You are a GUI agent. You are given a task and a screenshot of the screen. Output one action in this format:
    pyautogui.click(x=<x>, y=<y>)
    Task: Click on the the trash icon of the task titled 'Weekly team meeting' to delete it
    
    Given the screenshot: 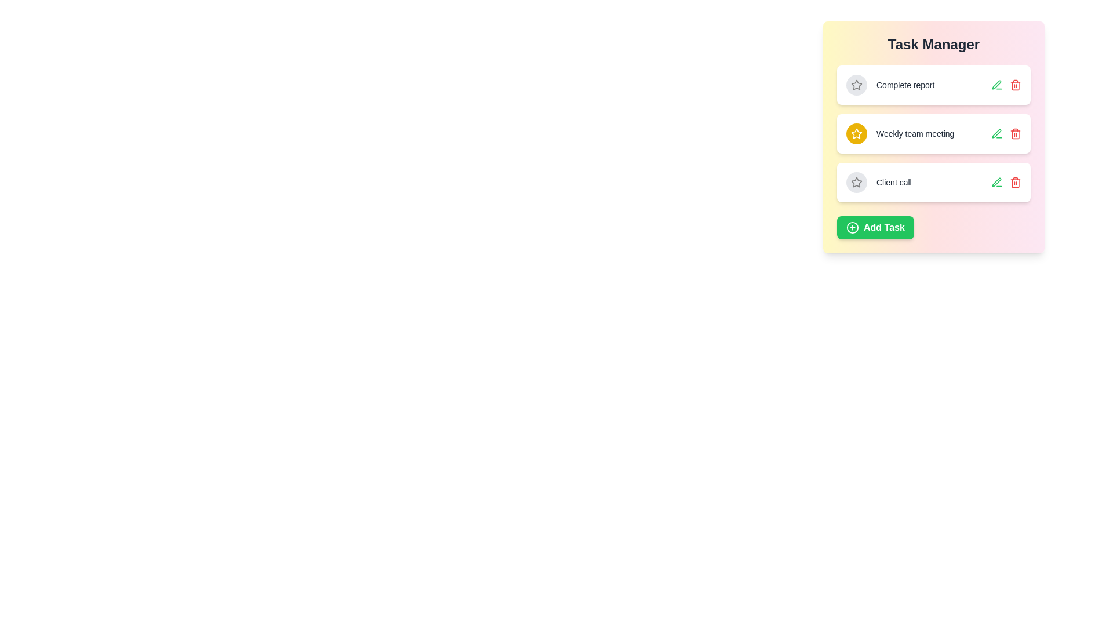 What is the action you would take?
    pyautogui.click(x=1015, y=133)
    